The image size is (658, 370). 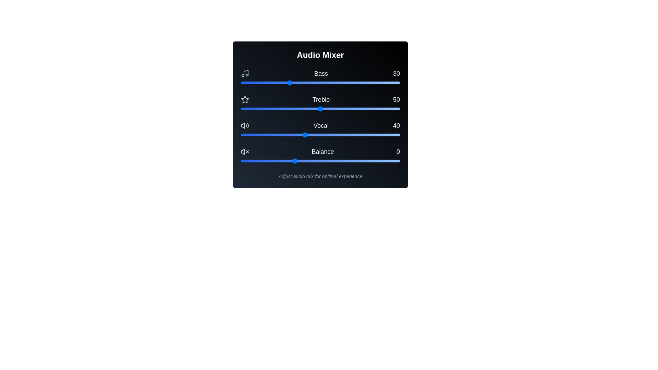 I want to click on the bass slider to 20 by dragging it to the desired position, so click(x=272, y=83).